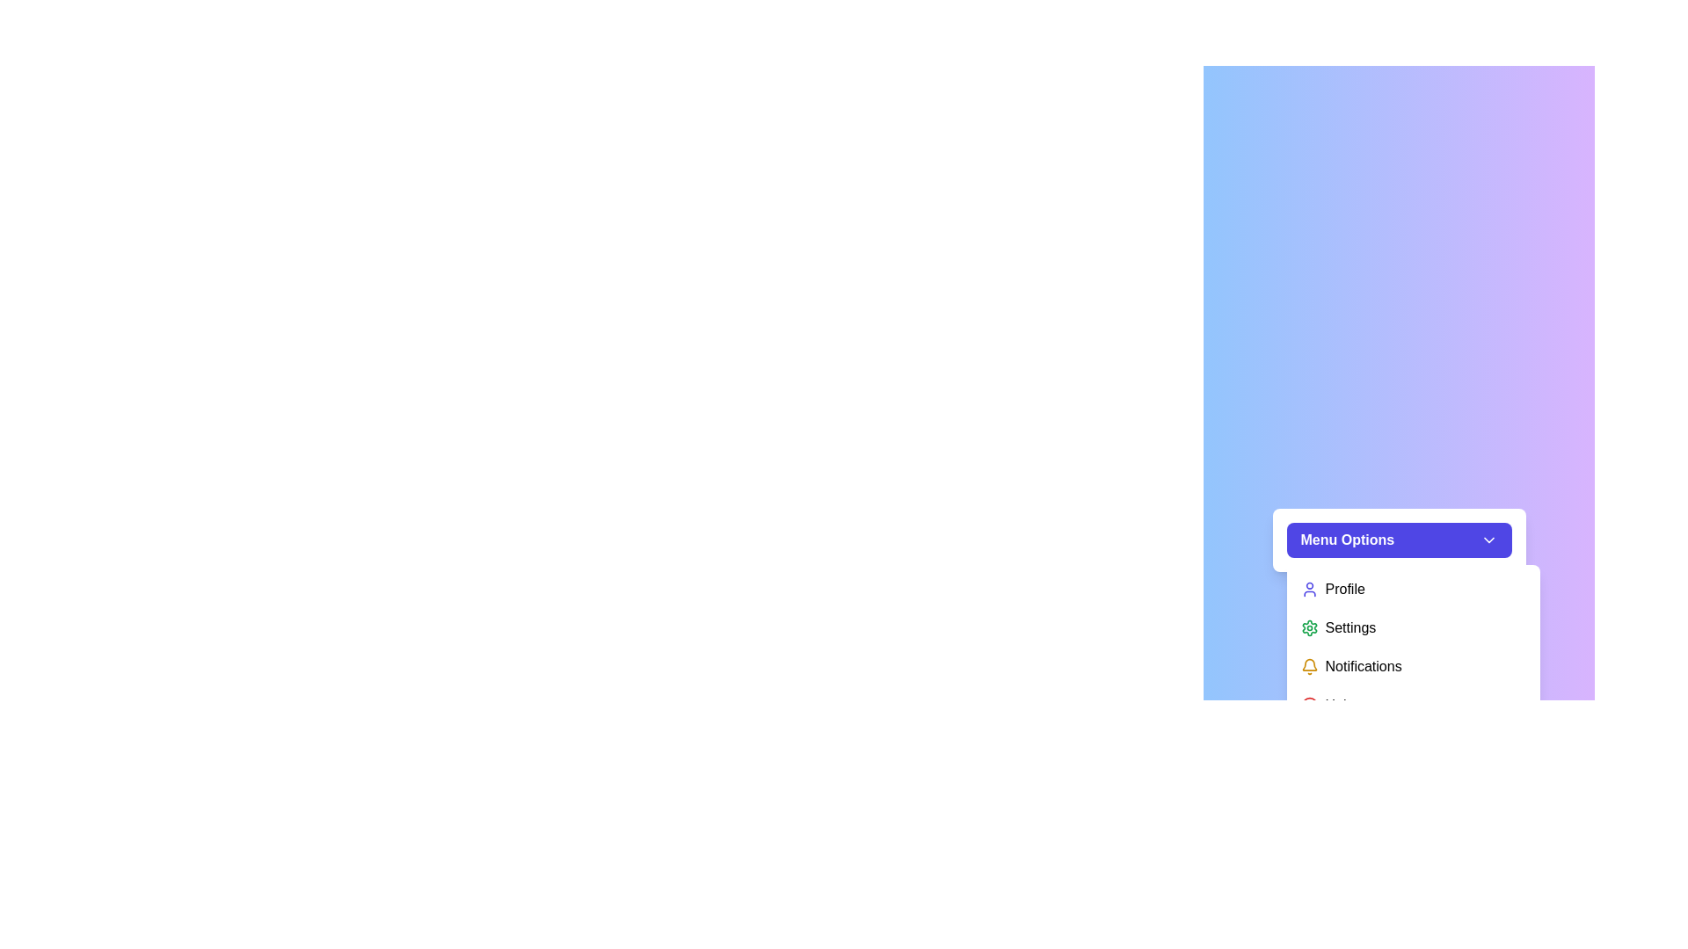 This screenshot has width=1688, height=949. What do you see at coordinates (1488, 539) in the screenshot?
I see `the downward chevron icon, styled with a transparent fill and a white stroke, located on the right side of the 'Menu Options' button` at bounding box center [1488, 539].